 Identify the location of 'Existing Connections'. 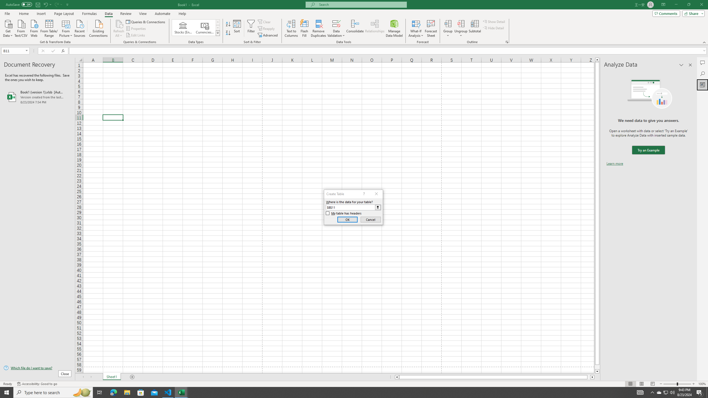
(98, 28).